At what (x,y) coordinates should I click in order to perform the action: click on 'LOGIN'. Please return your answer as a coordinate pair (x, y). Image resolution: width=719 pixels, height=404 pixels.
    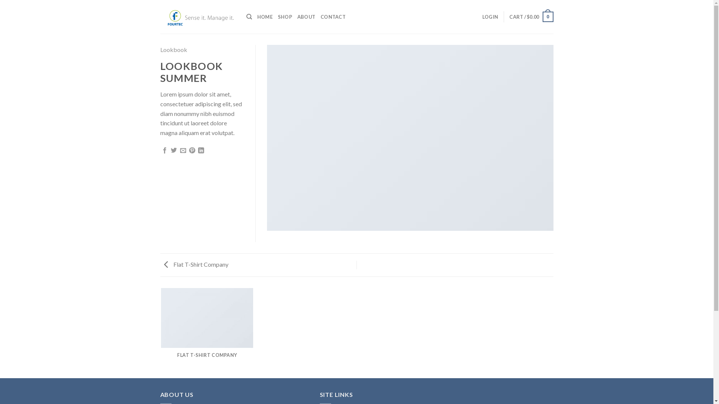
    Looking at the image, I should click on (490, 17).